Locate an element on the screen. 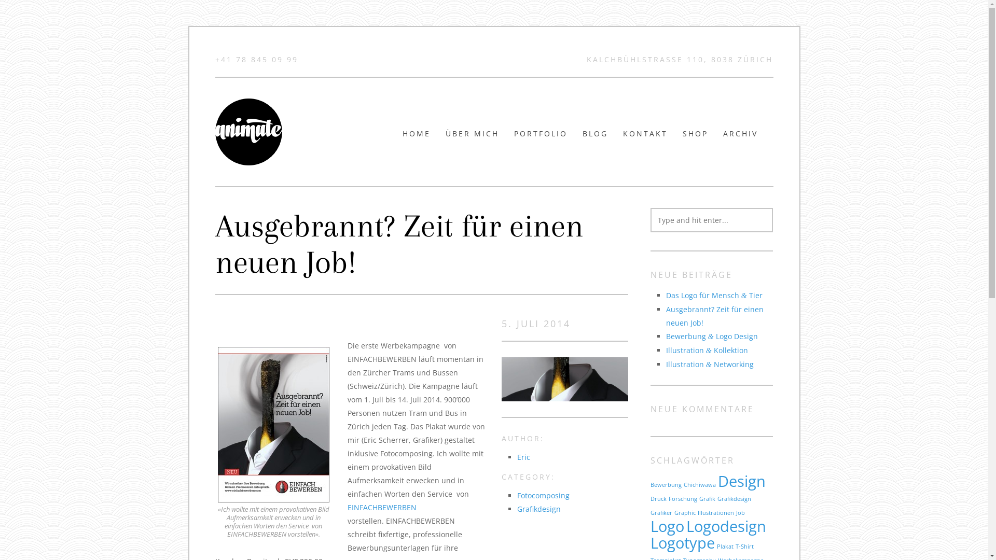 This screenshot has height=560, width=996. 'HOME' is located at coordinates (402, 137).